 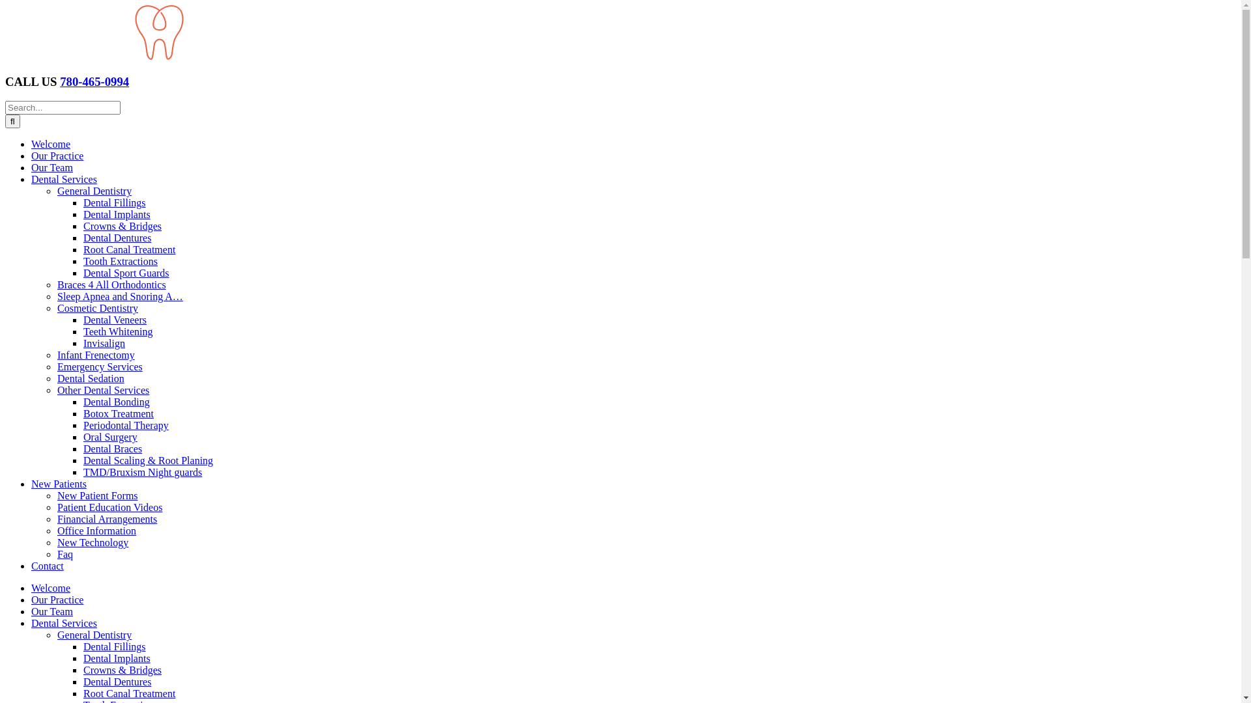 What do you see at coordinates (126, 272) in the screenshot?
I see `'Dental Sport Guards'` at bounding box center [126, 272].